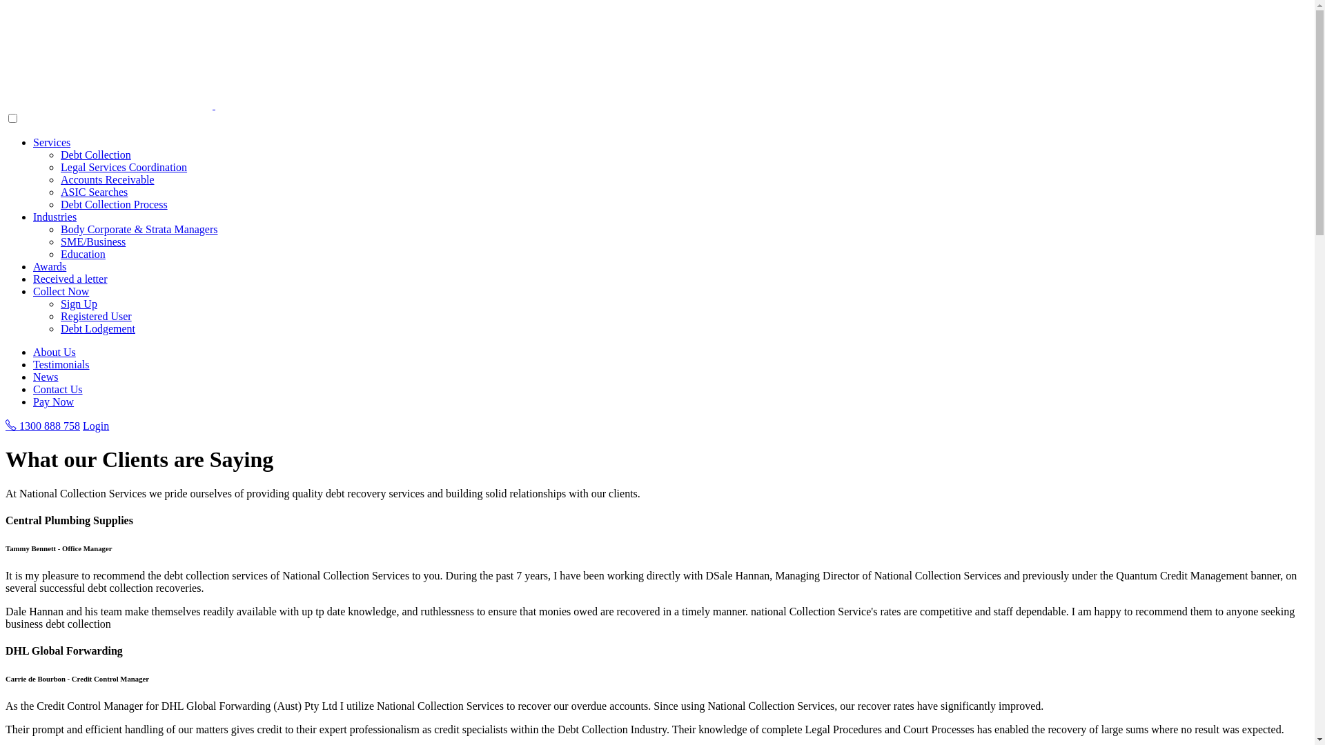  Describe the element at coordinates (43, 425) in the screenshot. I see `'1300 888 758'` at that location.